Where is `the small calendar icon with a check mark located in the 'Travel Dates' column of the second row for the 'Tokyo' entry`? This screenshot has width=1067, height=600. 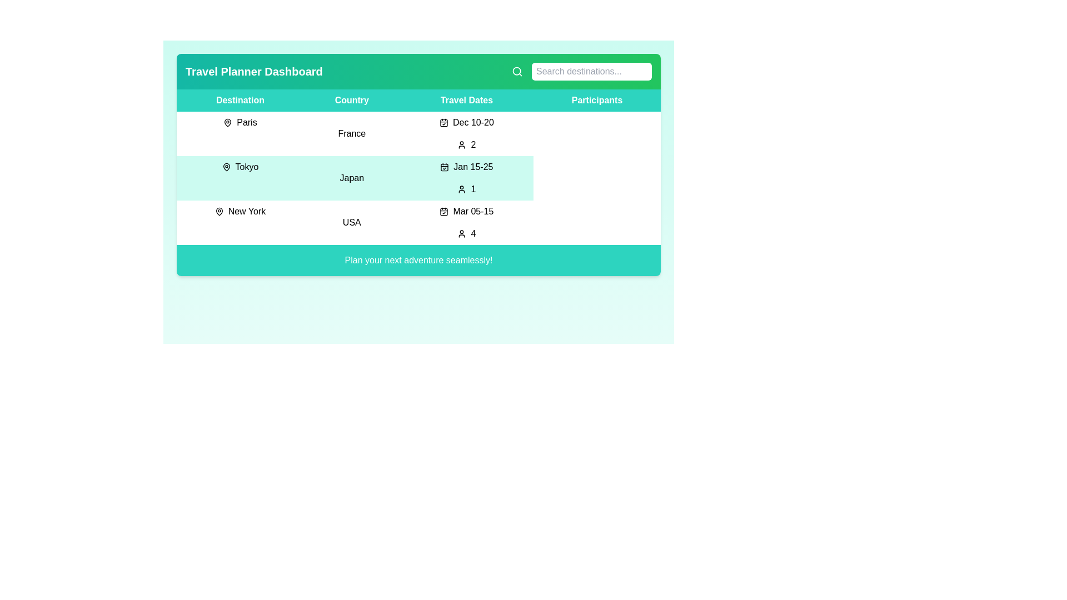 the small calendar icon with a check mark located in the 'Travel Dates' column of the second row for the 'Tokyo' entry is located at coordinates (445, 167).